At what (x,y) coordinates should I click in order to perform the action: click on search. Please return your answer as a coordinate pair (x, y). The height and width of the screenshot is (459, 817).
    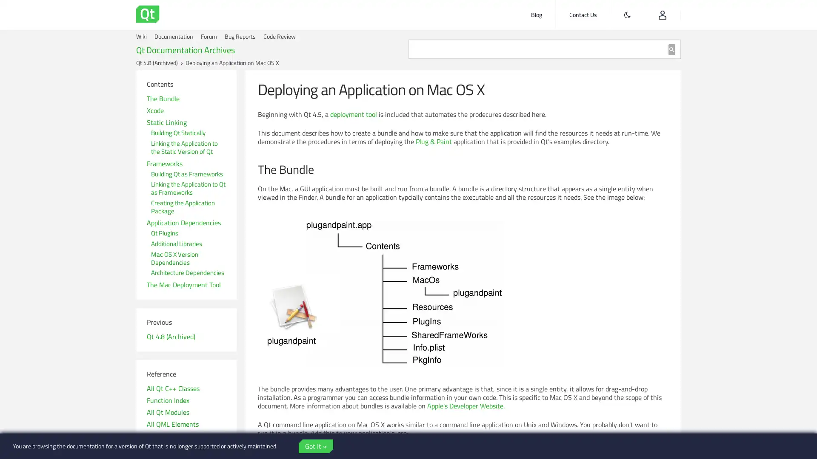
    Looking at the image, I should click on (671, 49).